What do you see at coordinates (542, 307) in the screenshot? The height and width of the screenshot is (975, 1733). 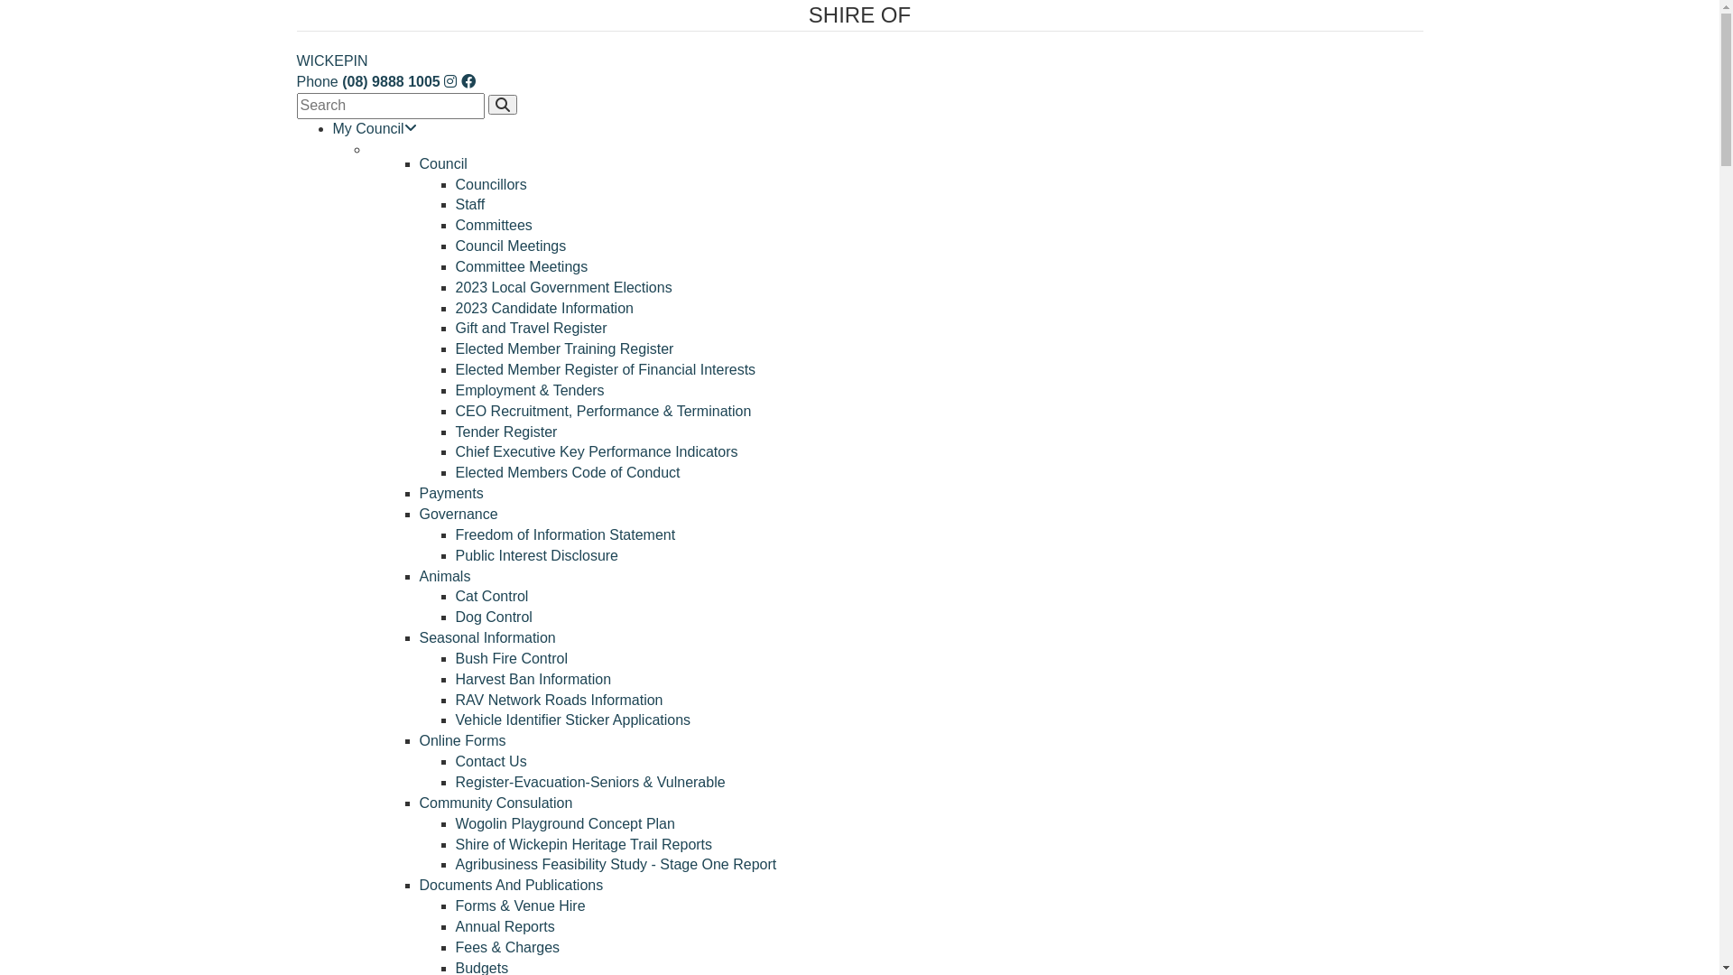 I see `'2023 Candidate Information'` at bounding box center [542, 307].